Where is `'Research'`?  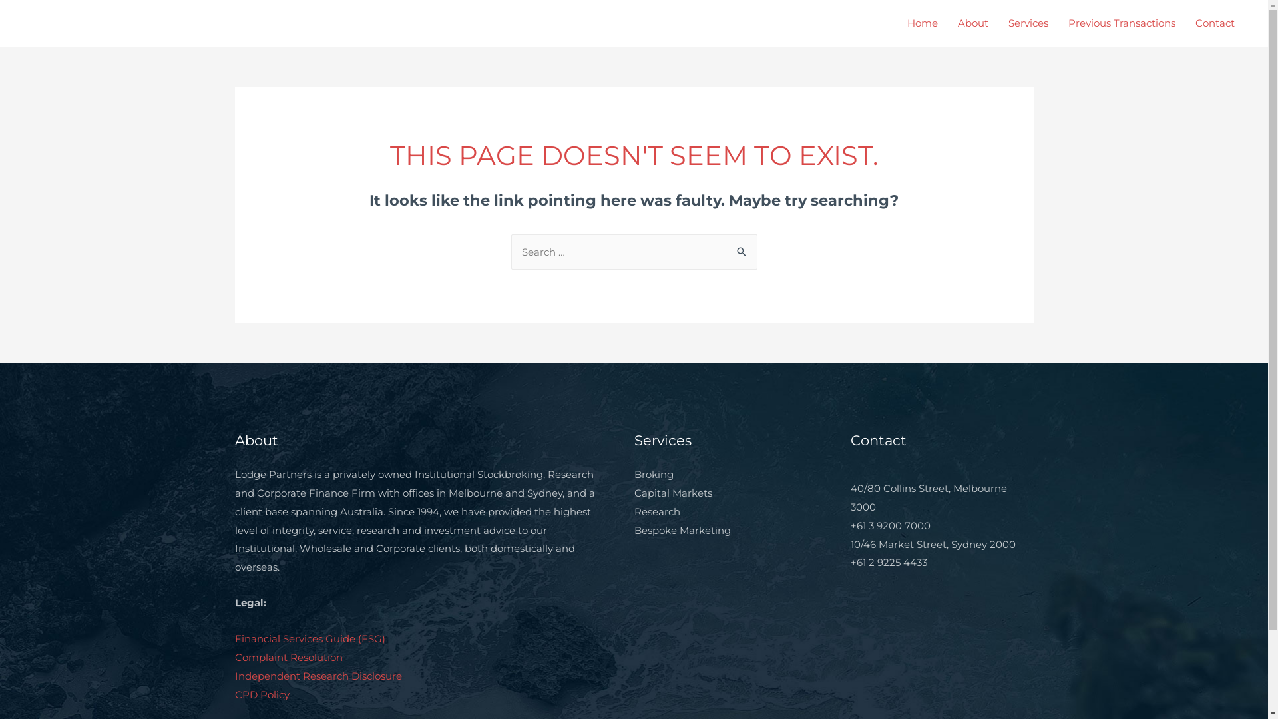
'Research' is located at coordinates (656, 511).